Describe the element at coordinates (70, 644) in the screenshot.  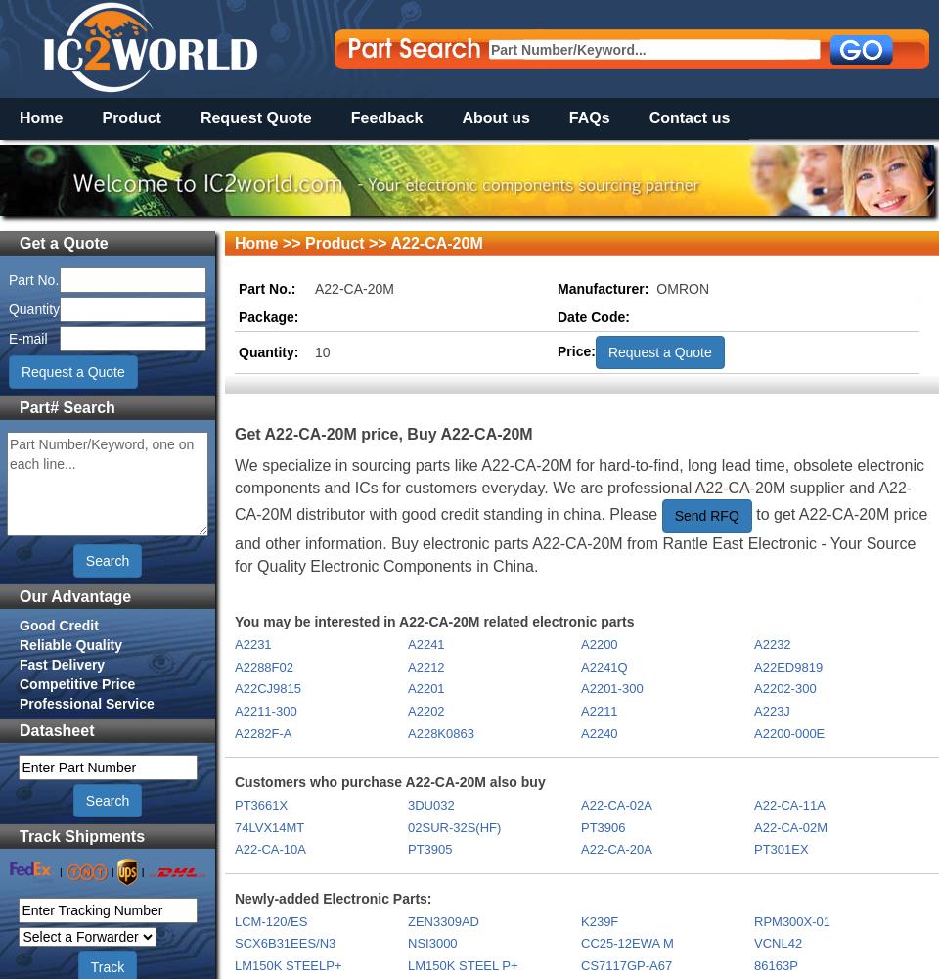
I see `'Reliable Quality'` at that location.